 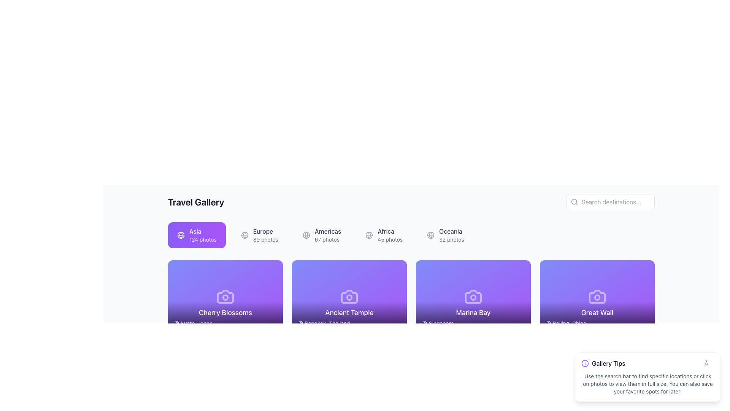 I want to click on the text label displaying 'Oceania' in the 'Travel Gallery' section, so click(x=451, y=231).